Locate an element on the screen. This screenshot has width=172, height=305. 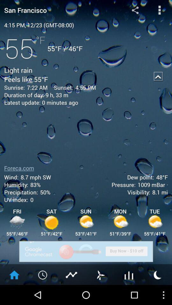
show temperature graph is located at coordinates (71, 274).